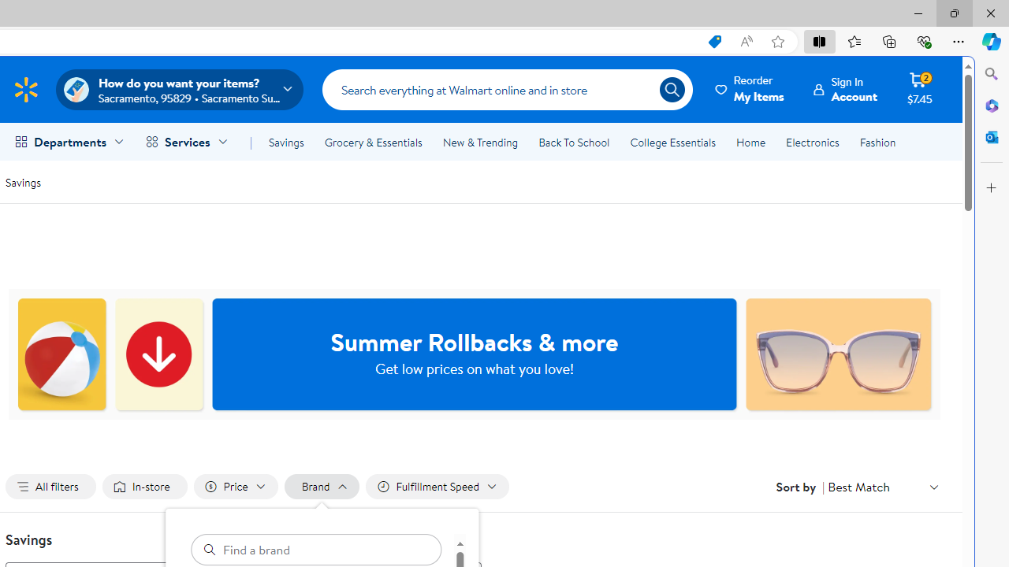 The image size is (1009, 567). Describe the element at coordinates (877, 143) in the screenshot. I see `'Fashion'` at that location.